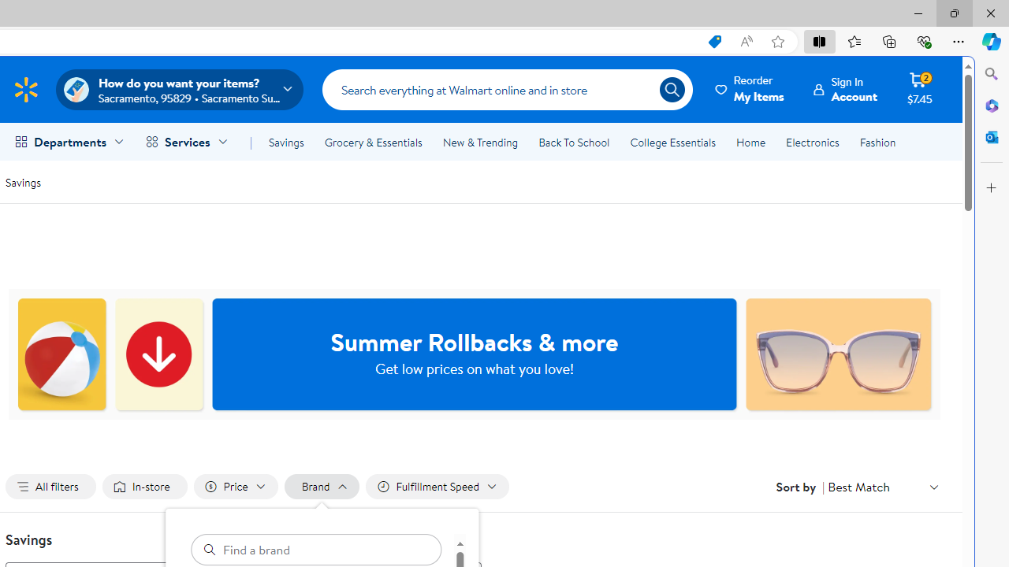 The image size is (1009, 567). Describe the element at coordinates (877, 143) in the screenshot. I see `'Fashion'` at that location.